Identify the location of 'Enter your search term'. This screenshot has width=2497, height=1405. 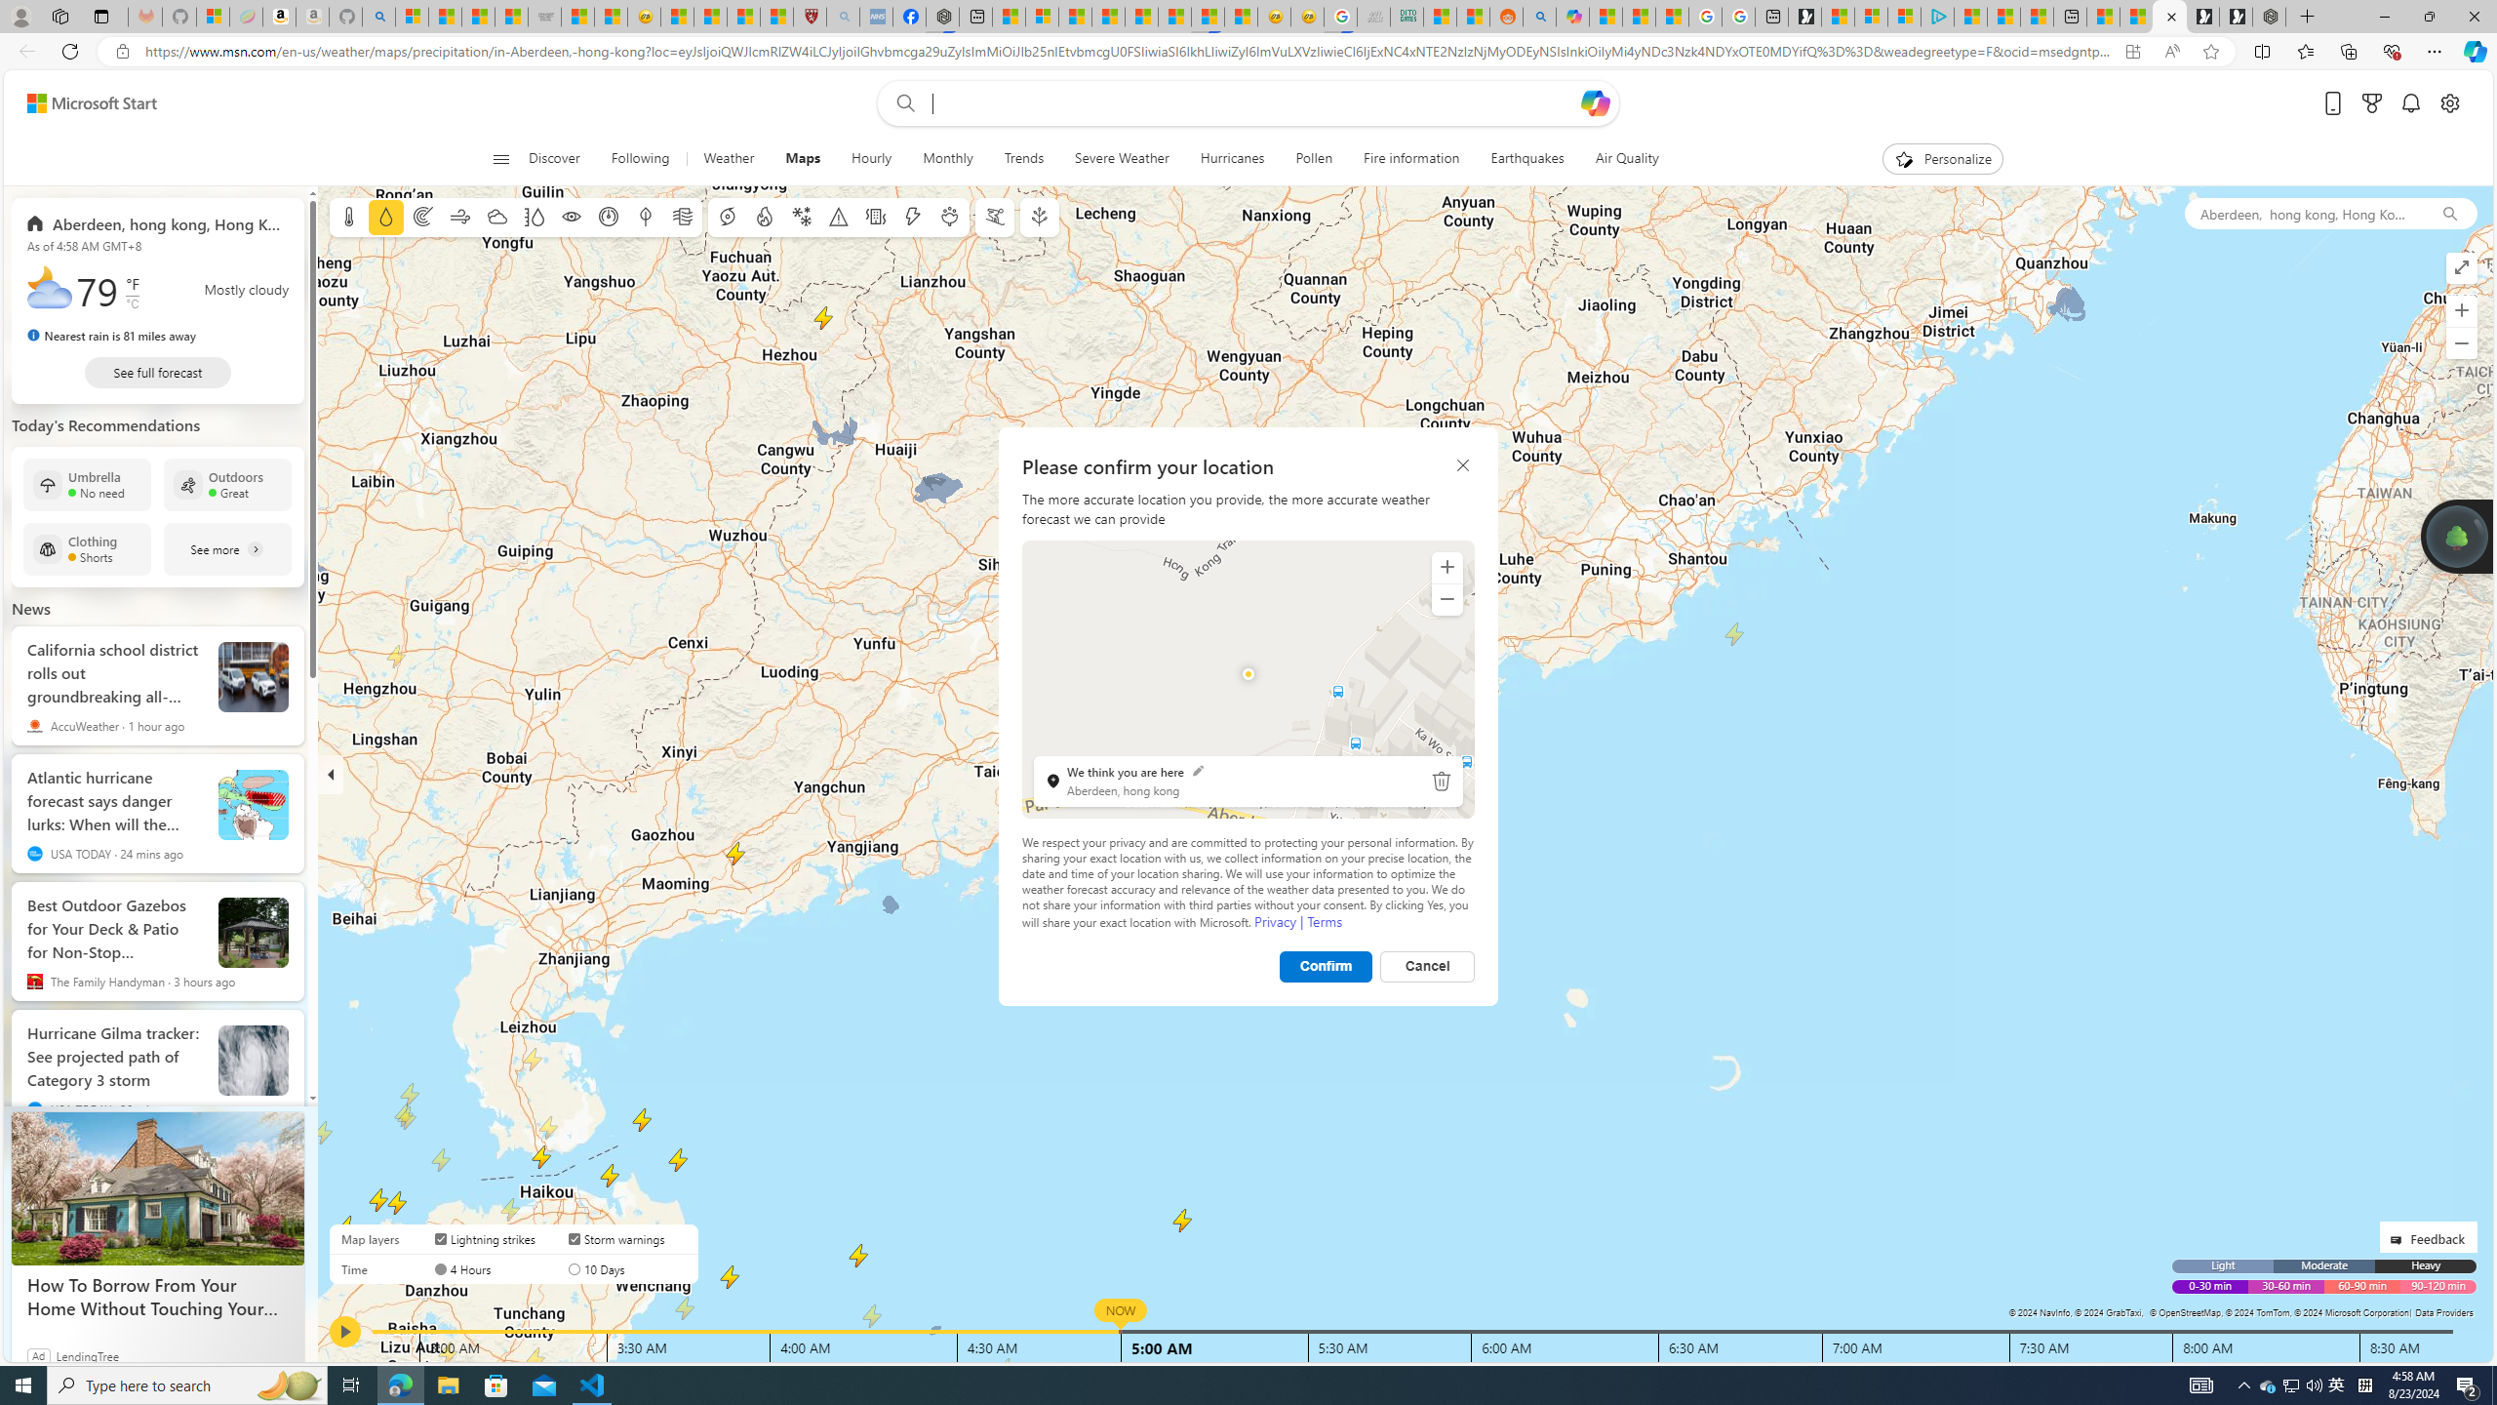
(1252, 101).